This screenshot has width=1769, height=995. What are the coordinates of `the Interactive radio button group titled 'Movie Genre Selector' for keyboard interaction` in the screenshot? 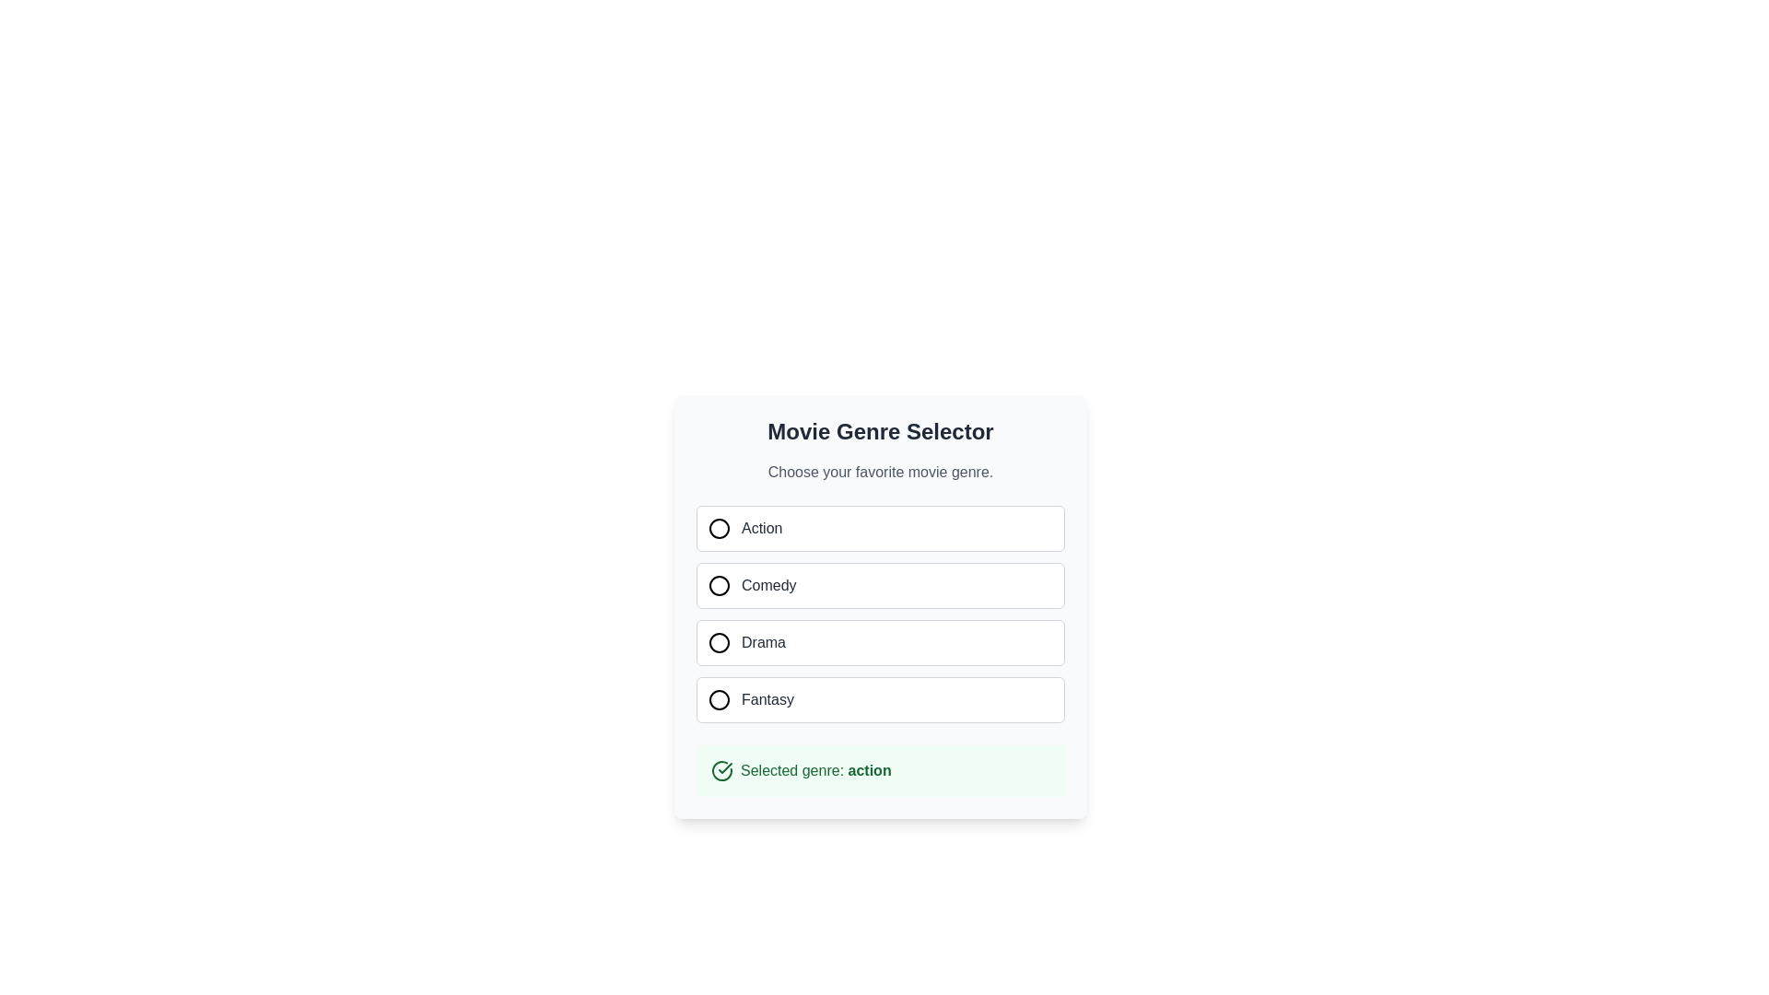 It's located at (879, 615).